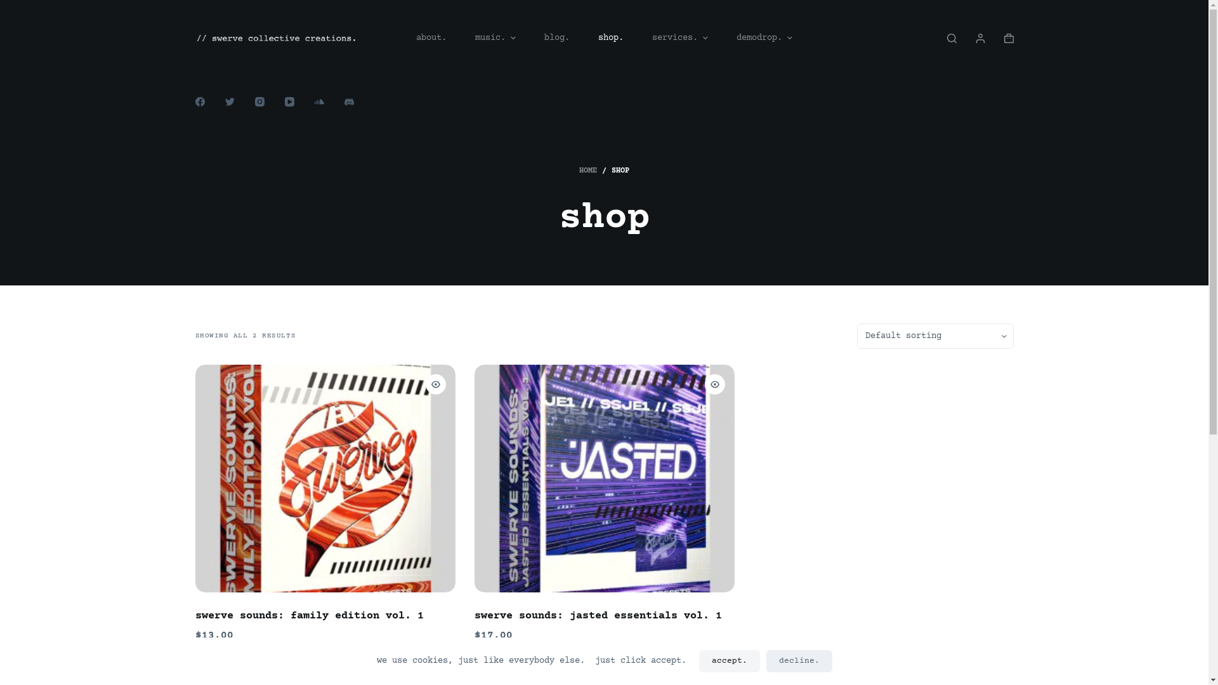 The image size is (1218, 685). What do you see at coordinates (557, 37) in the screenshot?
I see `'blog.'` at bounding box center [557, 37].